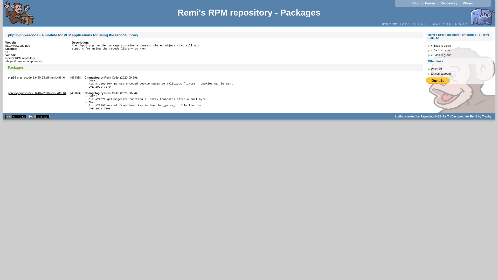  I want to click on 'php56-php-recode-5.6.40-23.el6.remi.x86_64', so click(37, 78).